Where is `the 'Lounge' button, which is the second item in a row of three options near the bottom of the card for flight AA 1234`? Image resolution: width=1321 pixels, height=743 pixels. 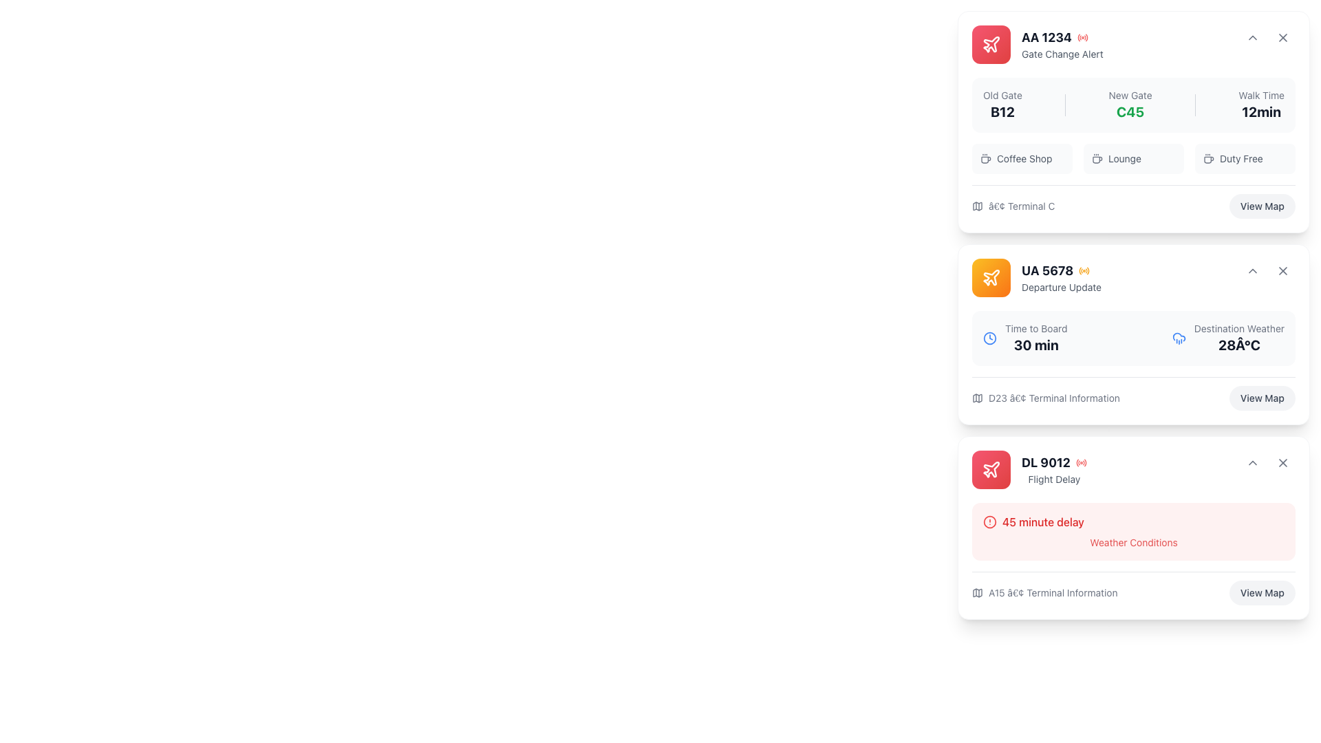 the 'Lounge' button, which is the second item in a row of three options near the bottom of the card for flight AA 1234 is located at coordinates (1133, 158).